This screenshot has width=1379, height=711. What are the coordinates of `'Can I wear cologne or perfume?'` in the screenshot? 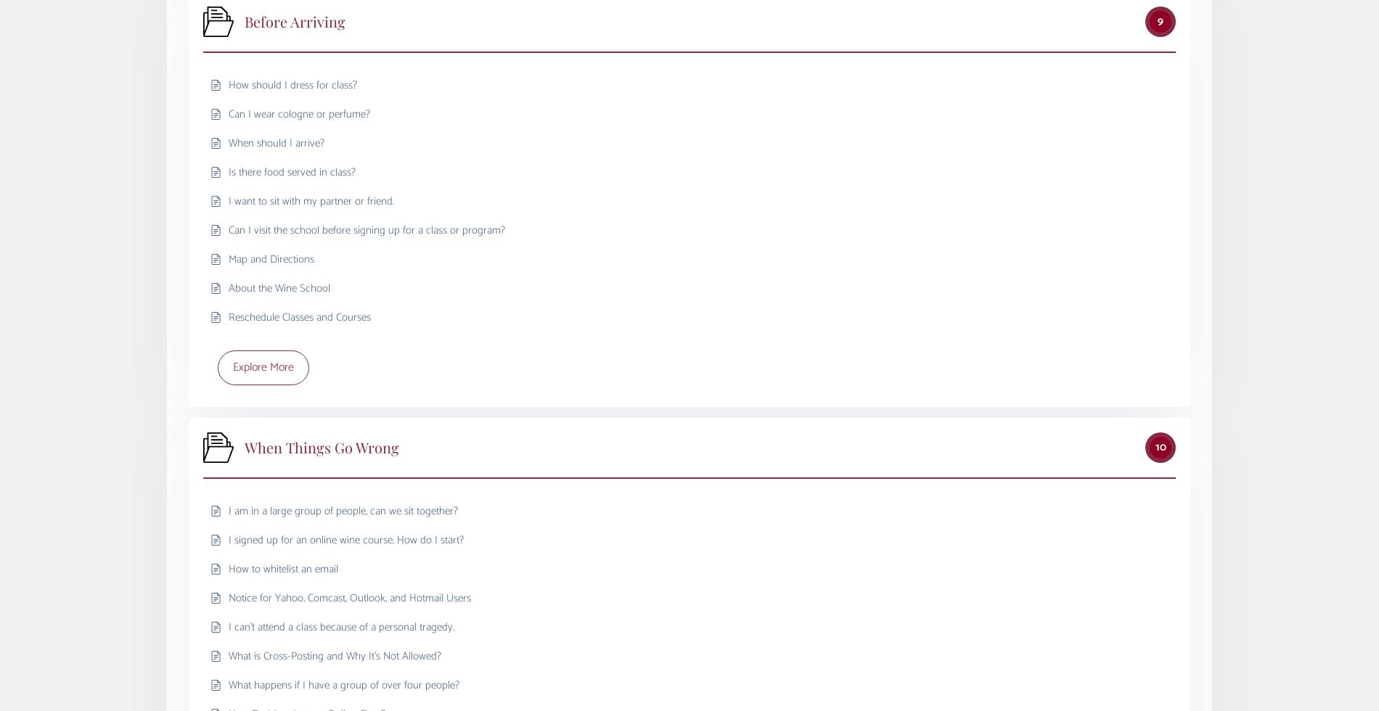 It's located at (298, 113).